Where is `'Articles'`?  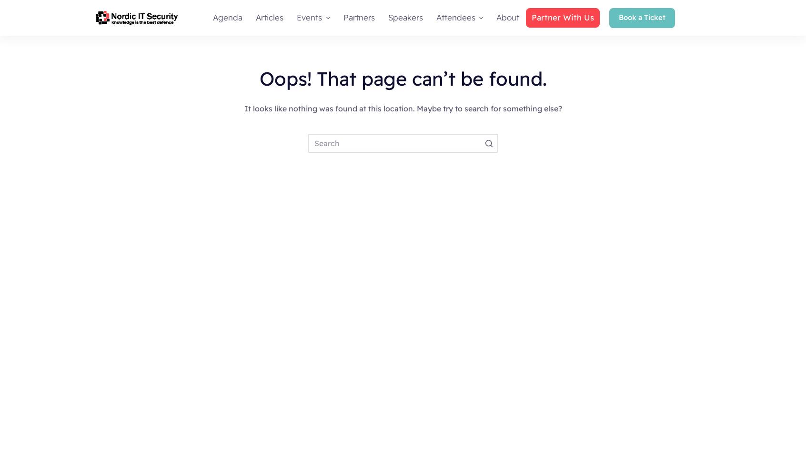 'Articles' is located at coordinates (269, 17).